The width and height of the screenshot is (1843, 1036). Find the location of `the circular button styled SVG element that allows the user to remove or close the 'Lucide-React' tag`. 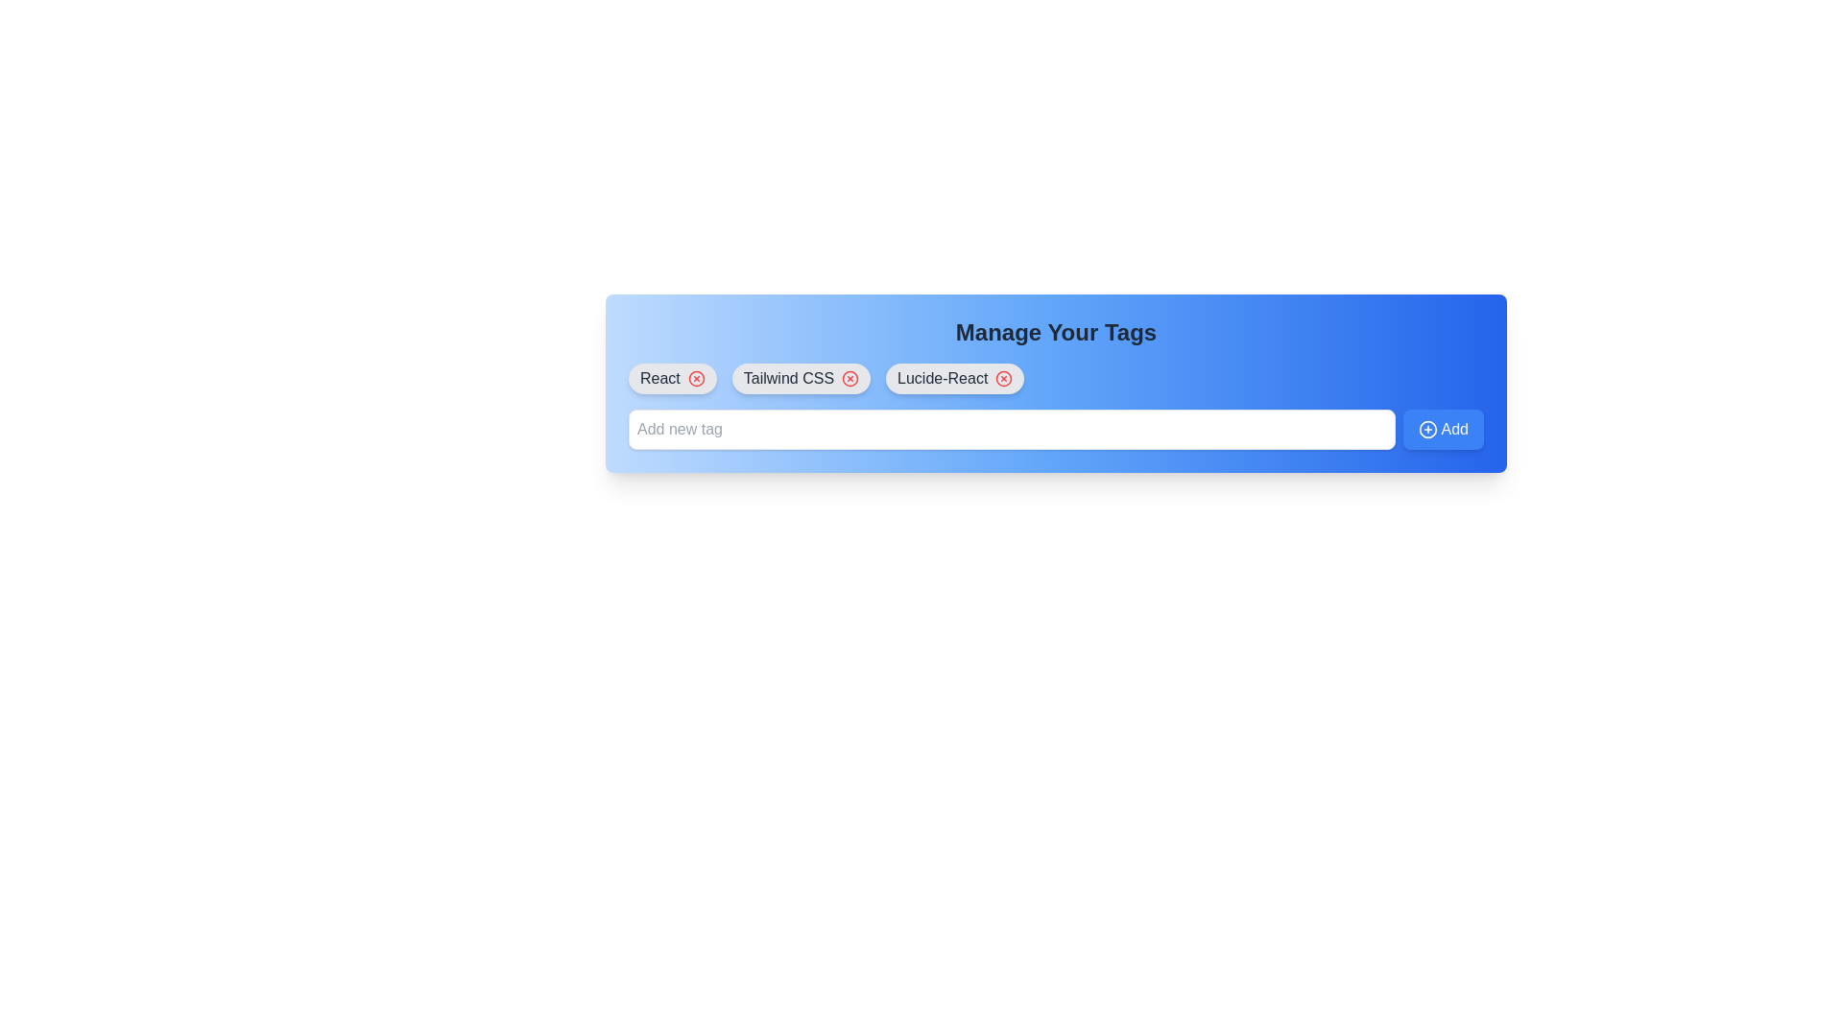

the circular button styled SVG element that allows the user to remove or close the 'Lucide-React' tag is located at coordinates (1003, 378).